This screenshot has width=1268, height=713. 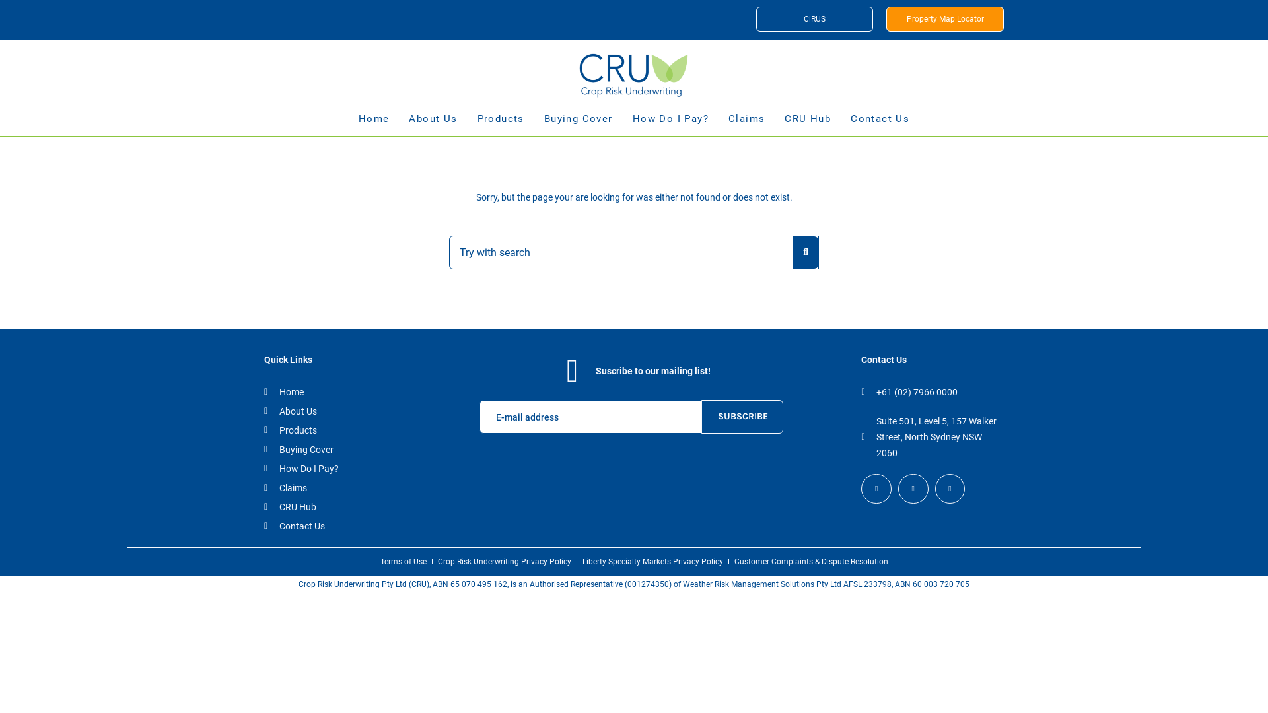 What do you see at coordinates (861, 391) in the screenshot?
I see `'+61 (02) 7966 0000'` at bounding box center [861, 391].